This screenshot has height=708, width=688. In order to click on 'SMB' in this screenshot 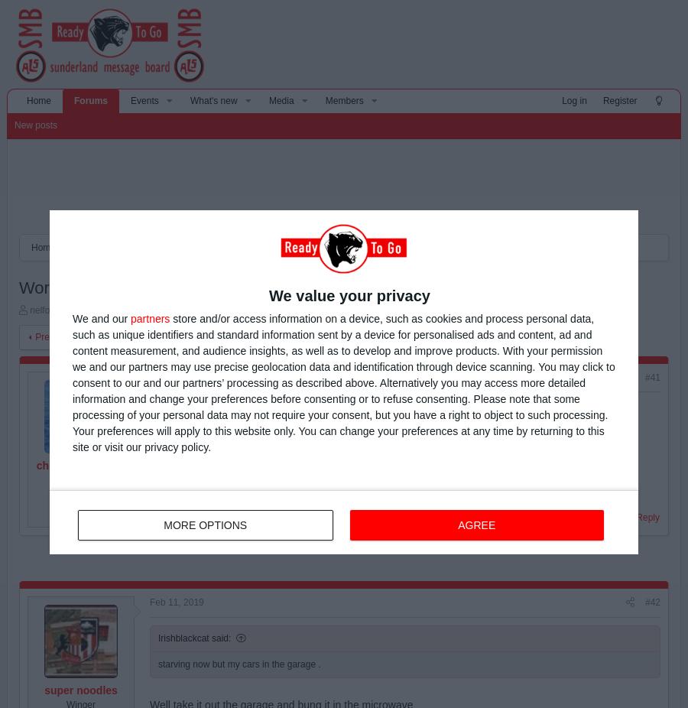, I will do `click(254, 248)`.